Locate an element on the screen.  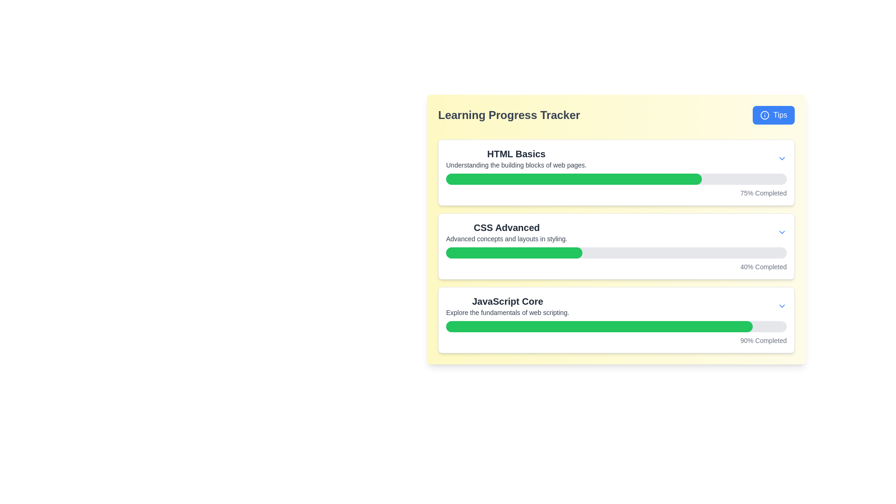
the text label that displays "Understanding the building blocks of web pages." located directly below the title "HTML Basics." is located at coordinates (516, 165).